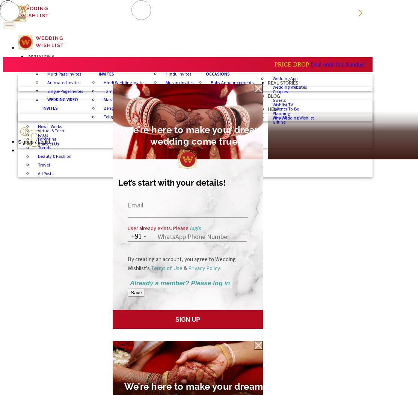  Describe the element at coordinates (189, 228) in the screenshot. I see `'login'` at that location.